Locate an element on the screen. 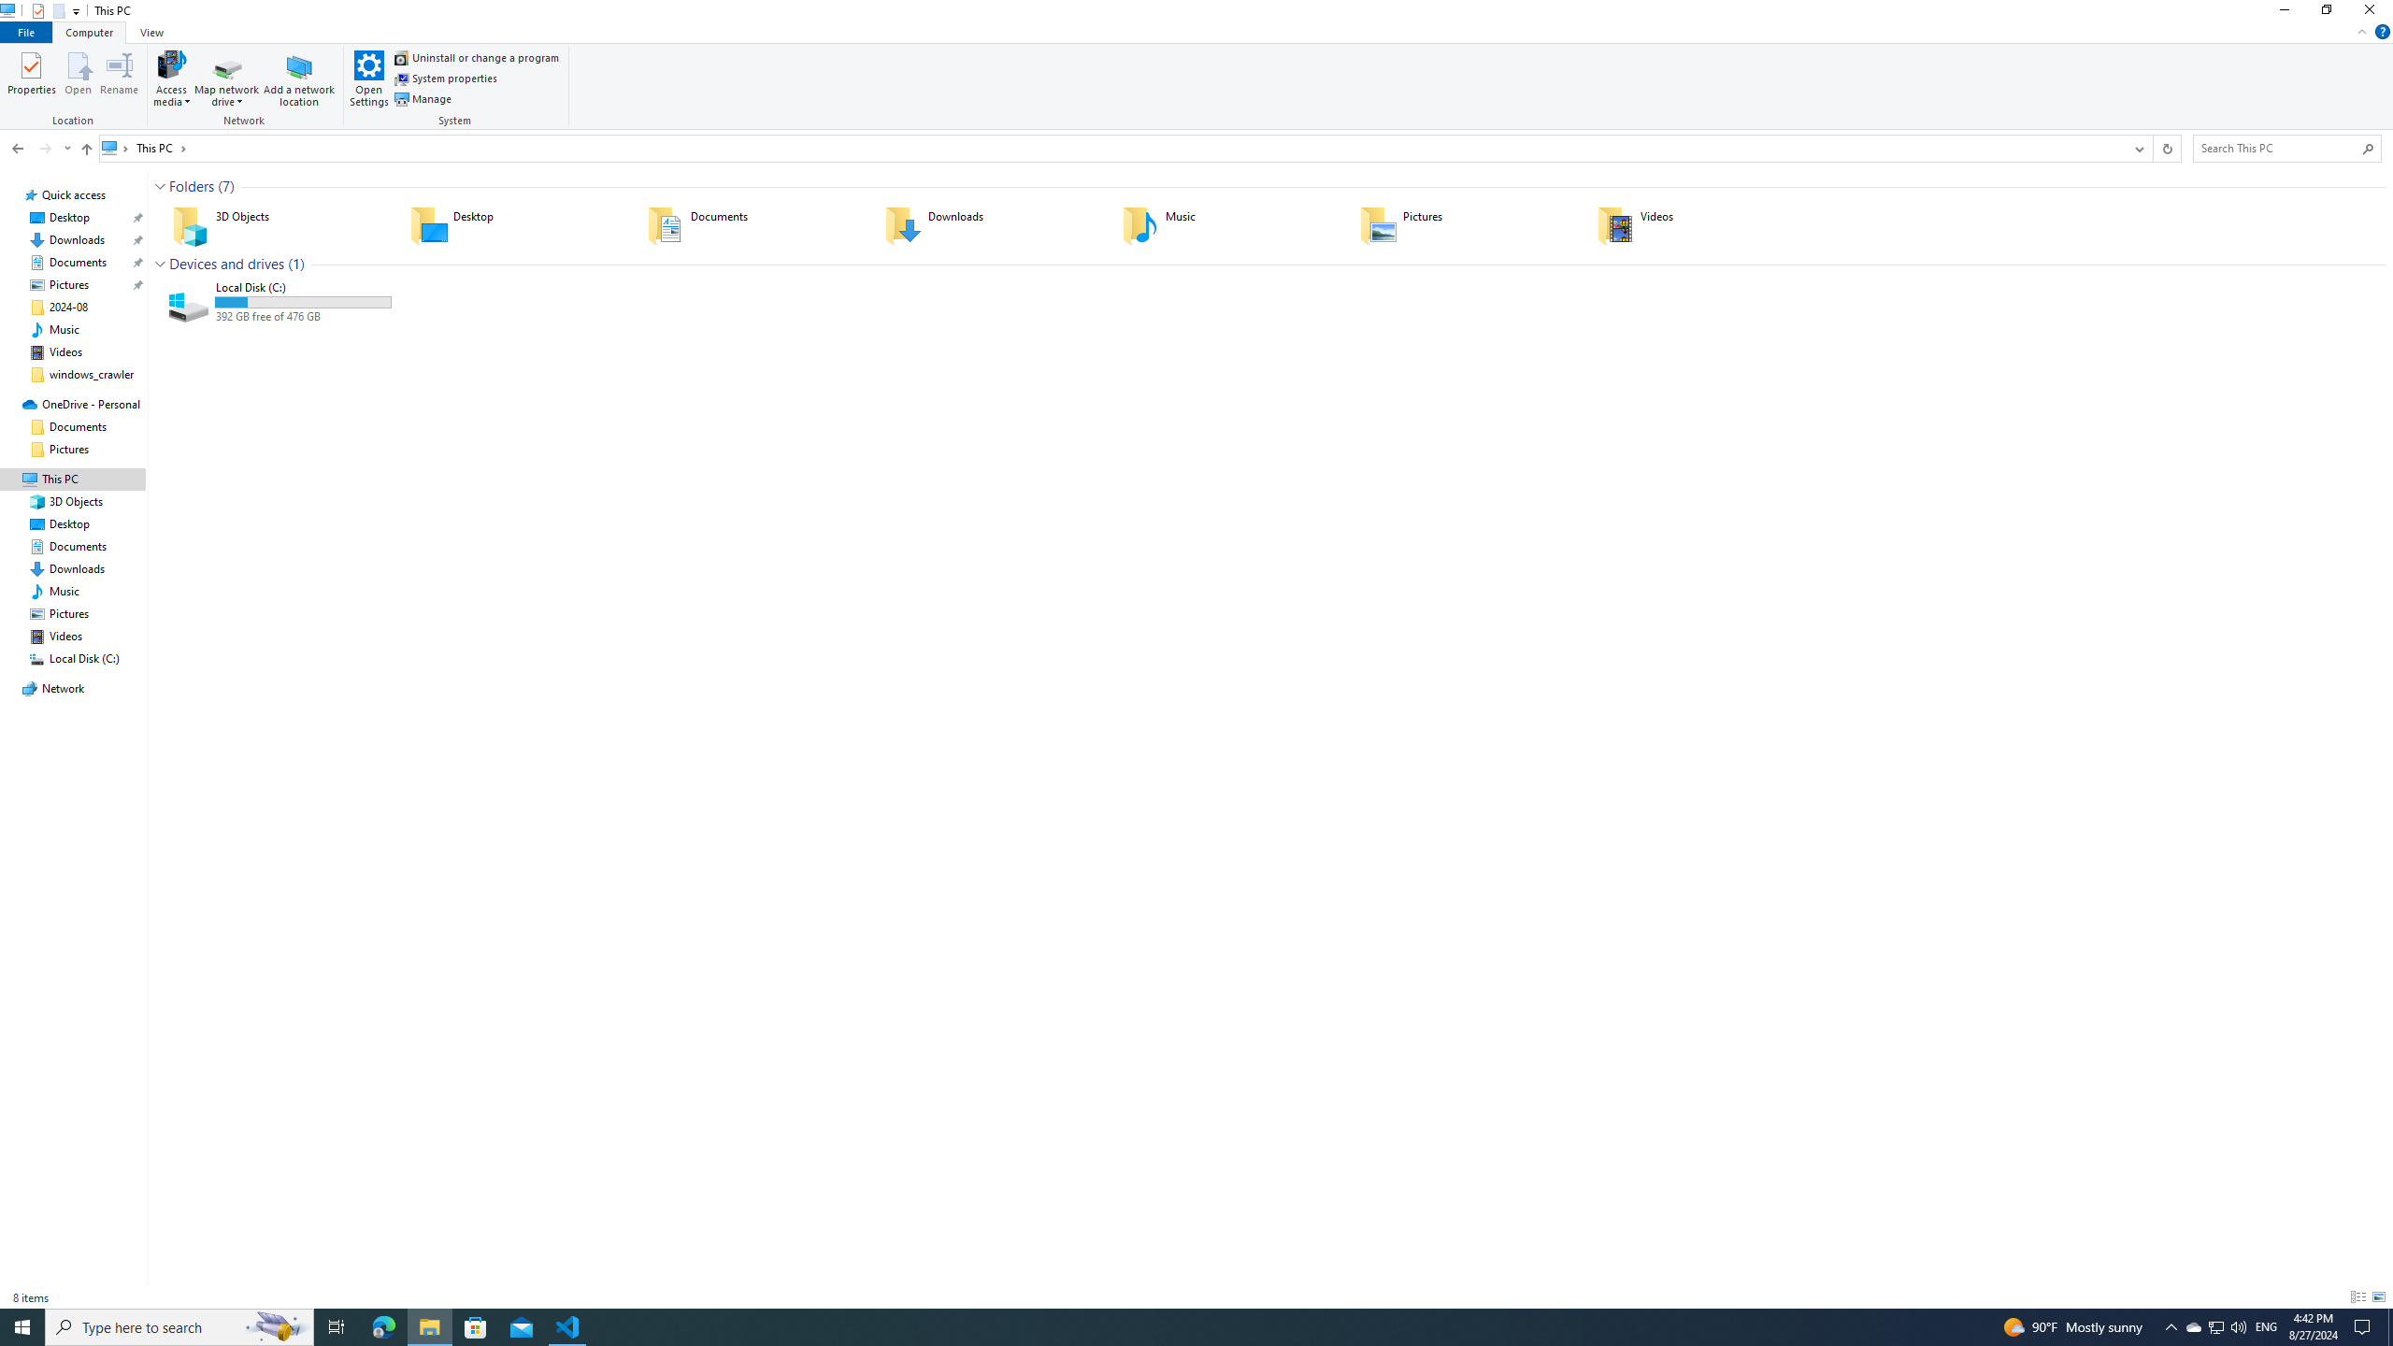  'Quick Access Toolbar' is located at coordinates (49, 10).